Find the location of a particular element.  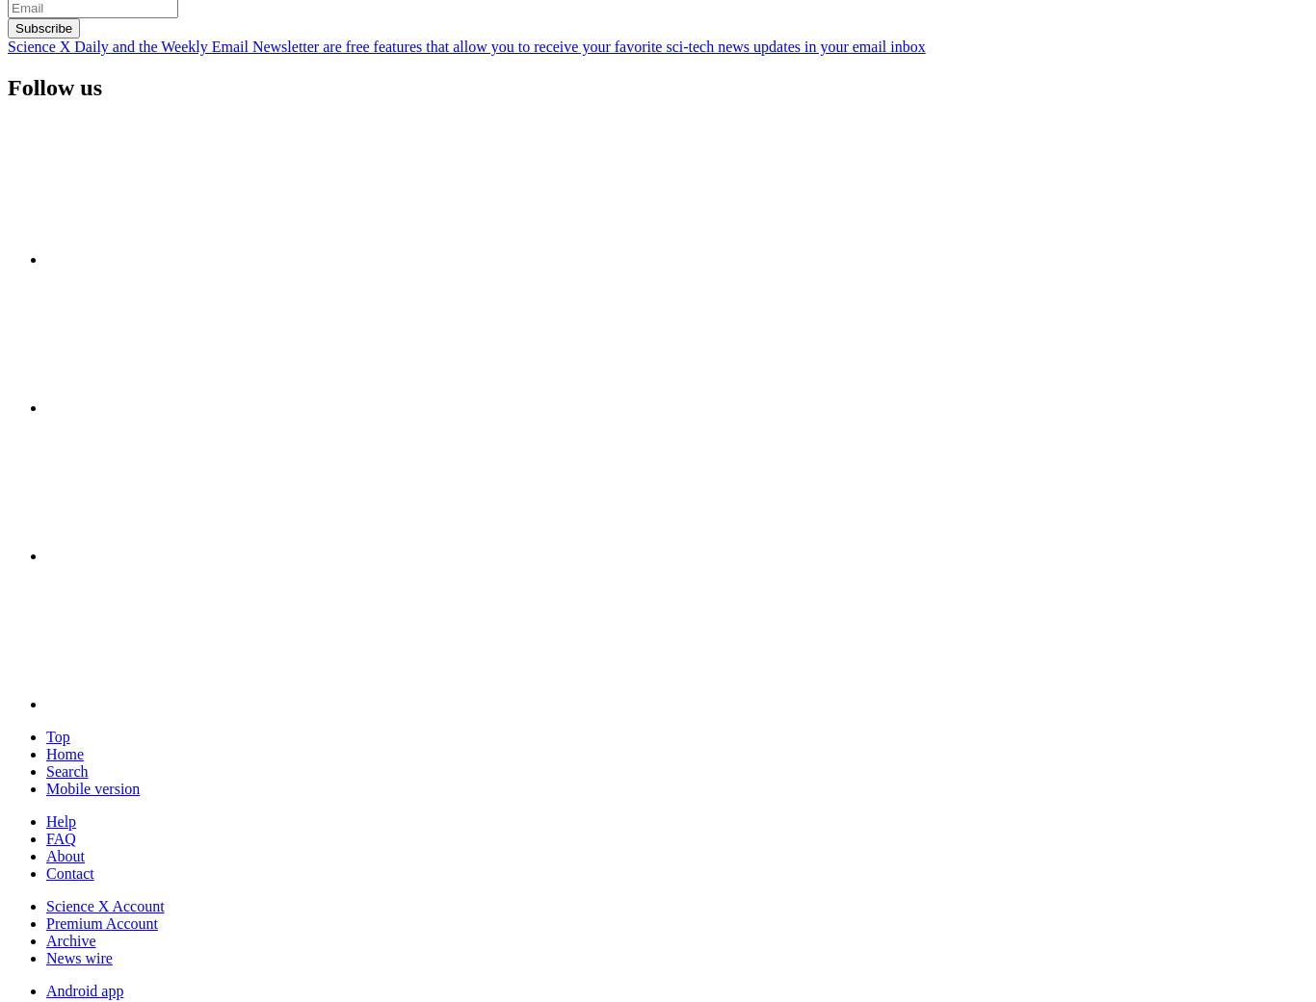

'Mobile version' is located at coordinates (92, 787).